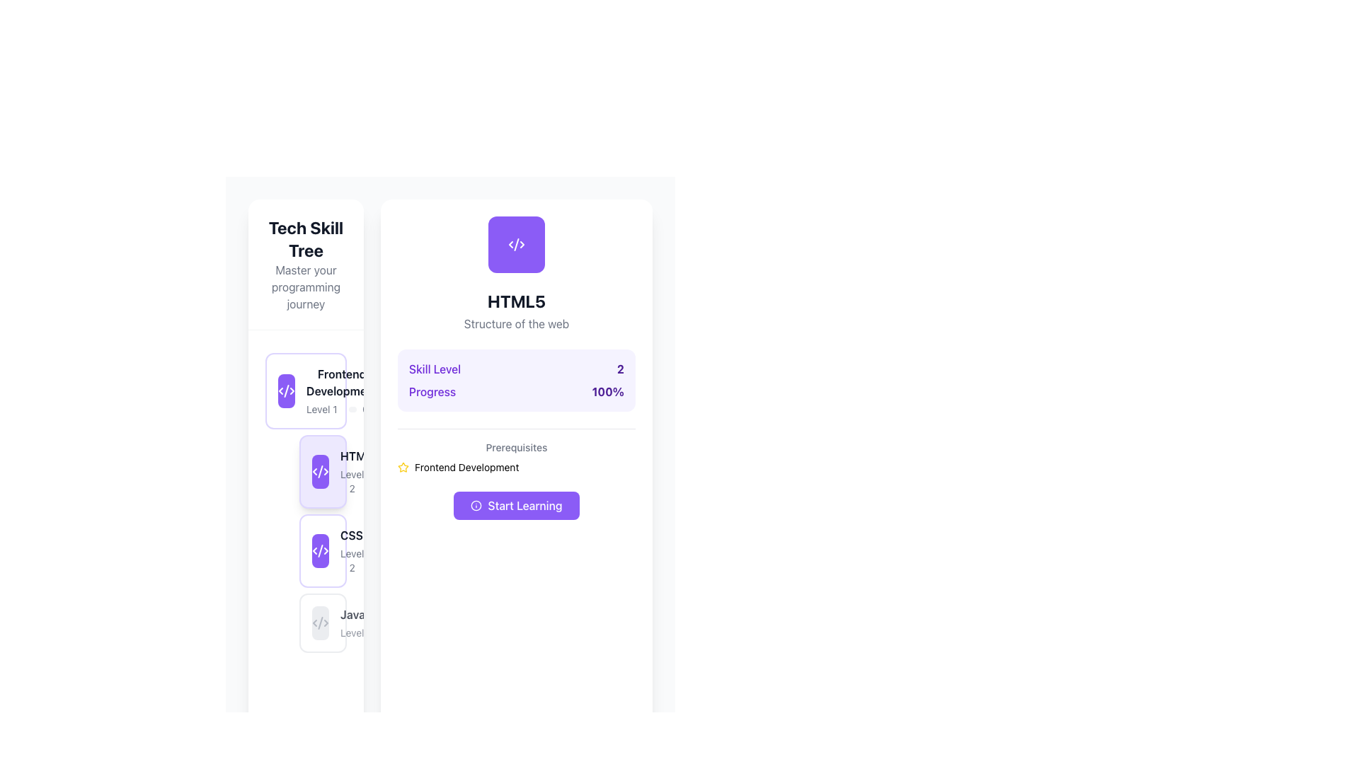  What do you see at coordinates (319, 472) in the screenshot?
I see `the small rounded rectangle icon with a purple background and white angle brackets (< >)` at bounding box center [319, 472].